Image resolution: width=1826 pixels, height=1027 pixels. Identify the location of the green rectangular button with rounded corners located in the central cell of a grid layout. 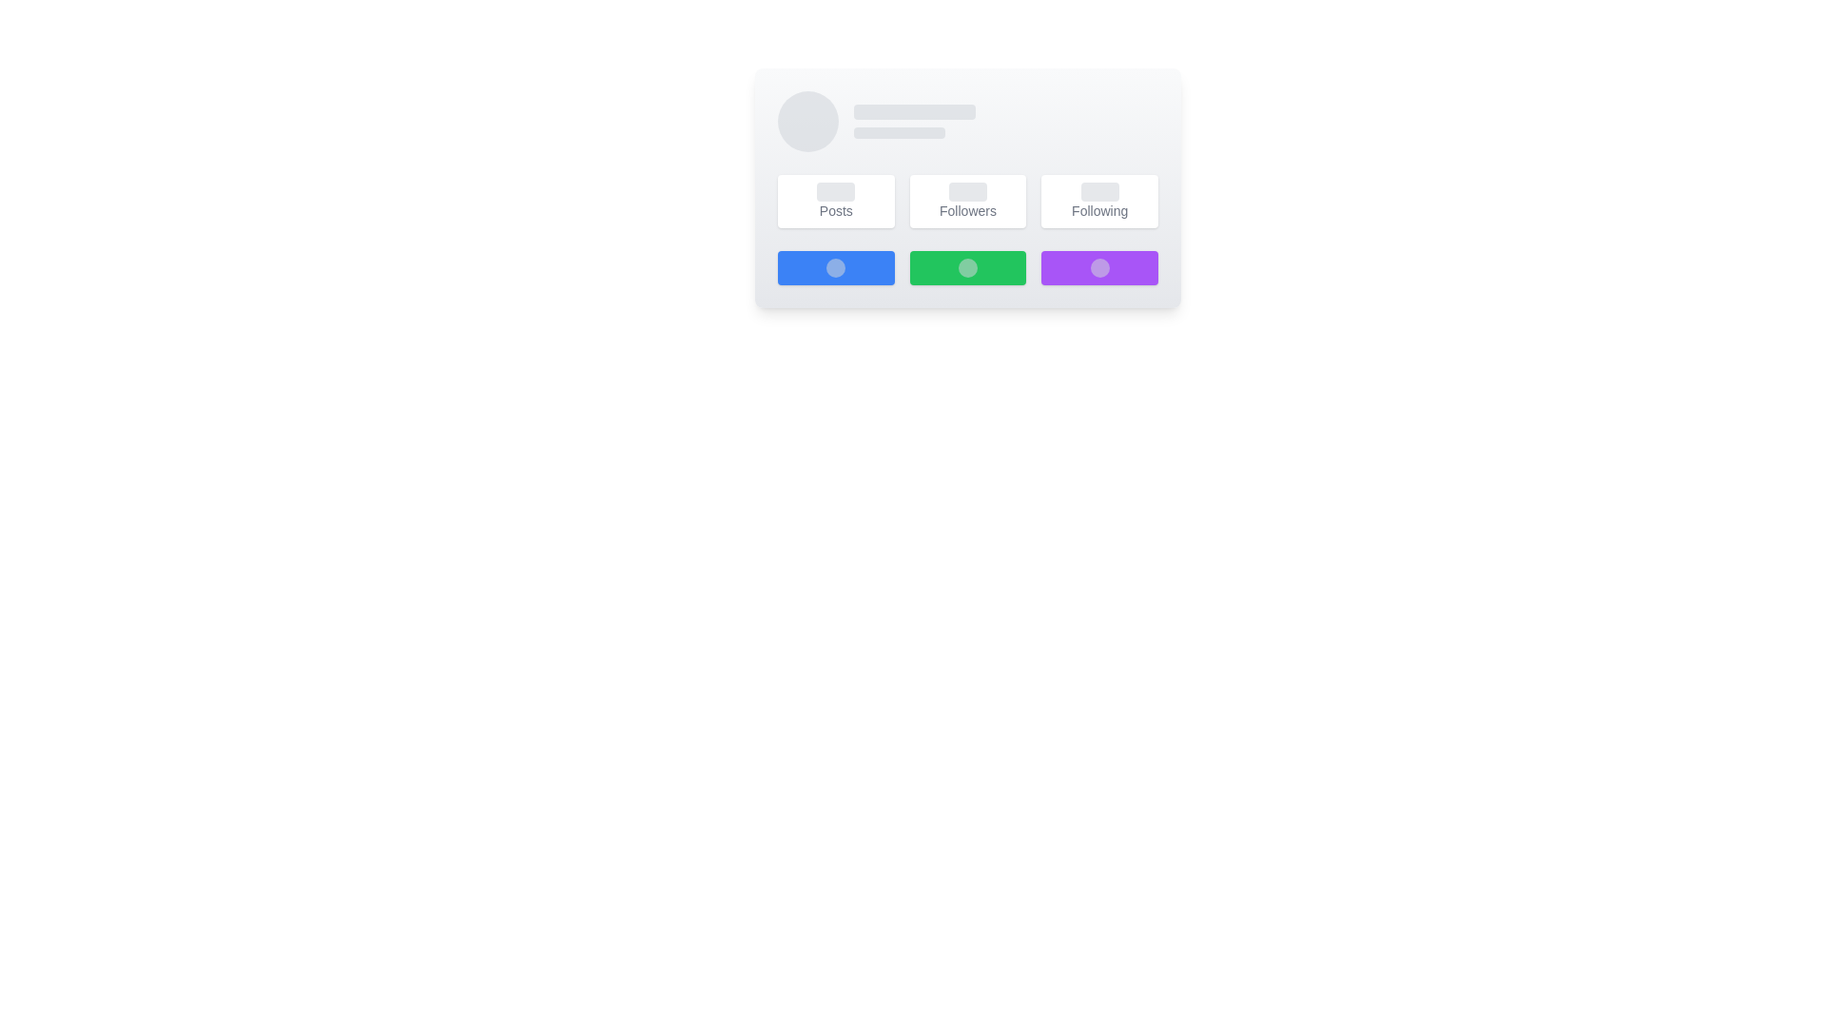
(967, 267).